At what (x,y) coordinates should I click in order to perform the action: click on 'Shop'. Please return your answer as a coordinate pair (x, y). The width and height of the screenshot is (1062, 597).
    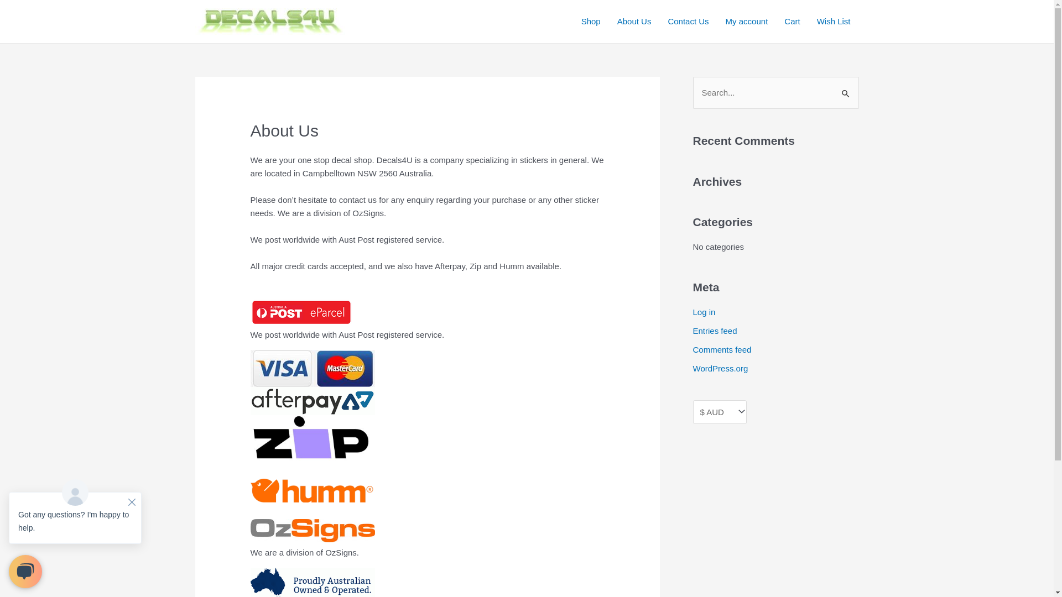
    Looking at the image, I should click on (573, 21).